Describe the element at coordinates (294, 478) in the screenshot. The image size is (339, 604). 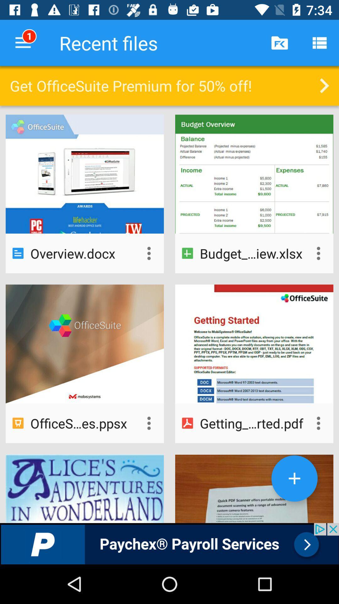
I see `the add icon` at that location.